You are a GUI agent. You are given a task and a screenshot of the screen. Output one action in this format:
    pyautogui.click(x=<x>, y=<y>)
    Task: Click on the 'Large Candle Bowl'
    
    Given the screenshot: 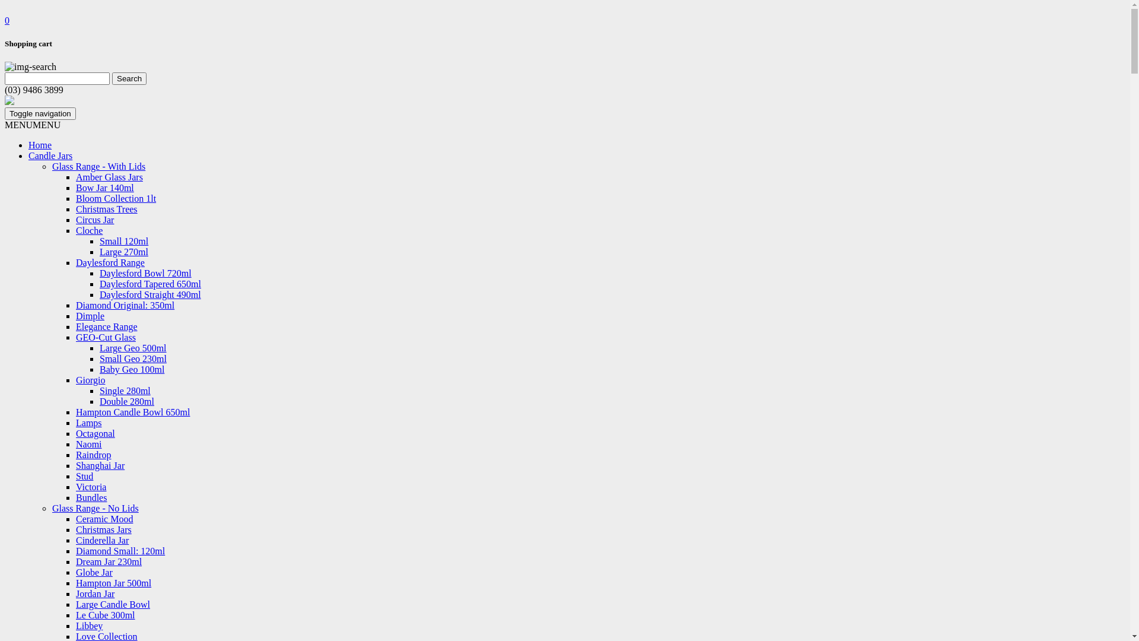 What is the action you would take?
    pyautogui.click(x=75, y=604)
    